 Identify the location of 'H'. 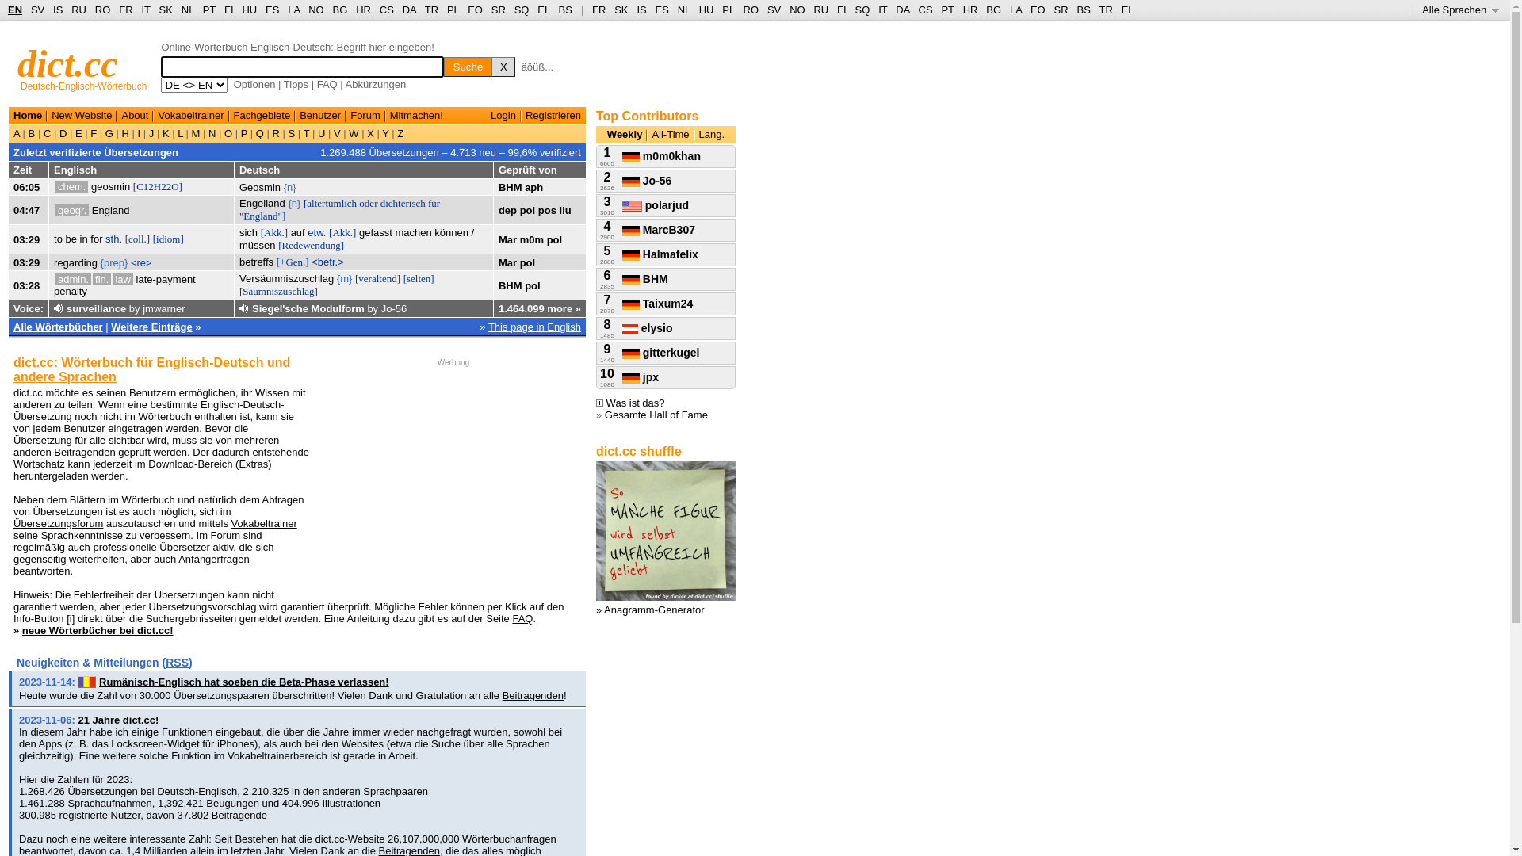
(124, 132).